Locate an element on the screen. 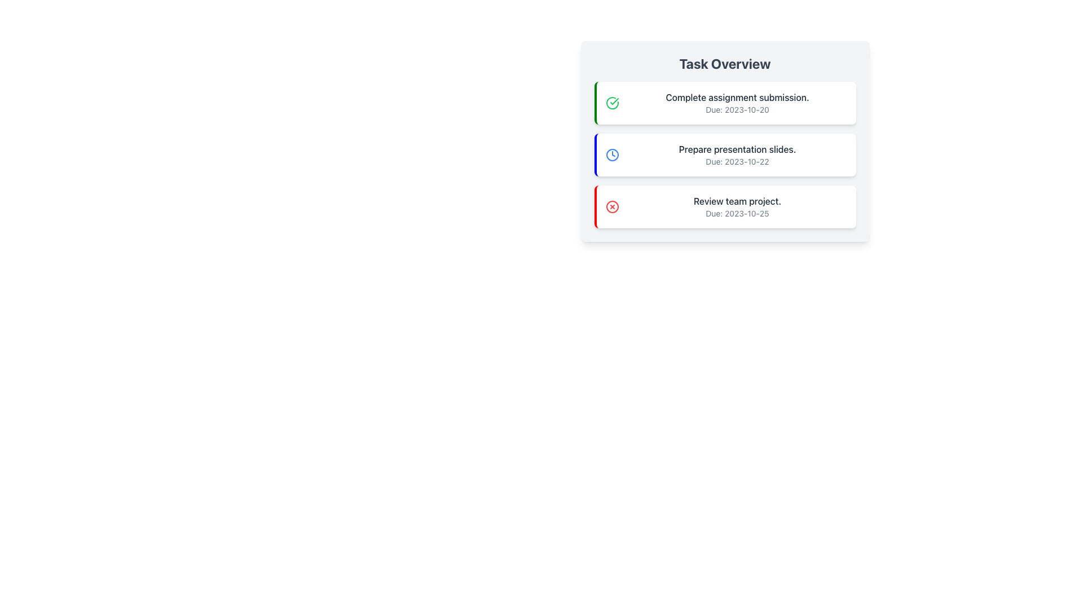  task details from the Informational card that states 'Review team project.' with a deadline of '2023-10-25', which is the third item in a vertically stacked list of tasks is located at coordinates (725, 206).